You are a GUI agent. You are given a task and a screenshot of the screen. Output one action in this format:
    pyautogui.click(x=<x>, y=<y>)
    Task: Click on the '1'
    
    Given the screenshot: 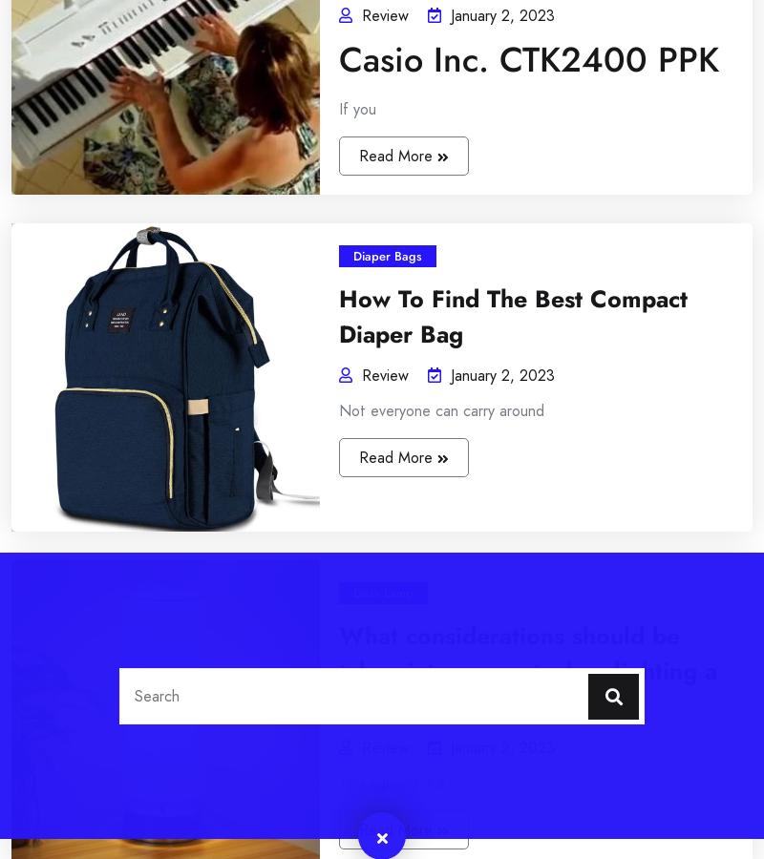 What is the action you would take?
    pyautogui.click(x=43, y=114)
    